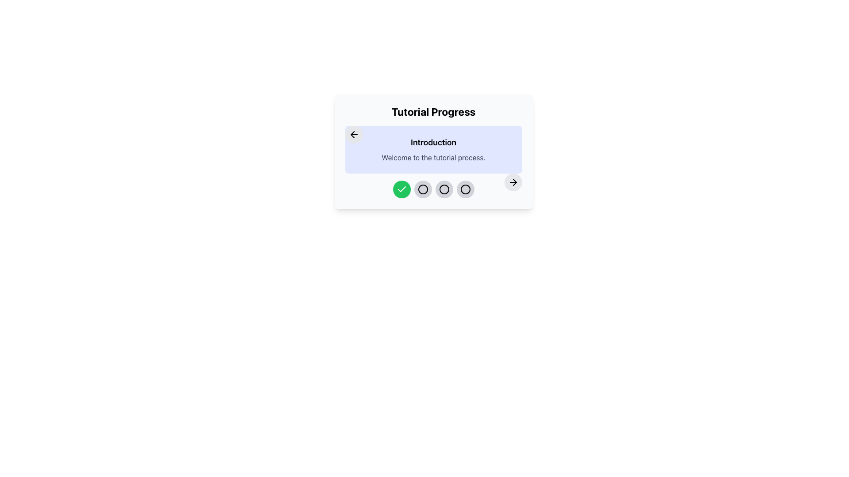 The height and width of the screenshot is (477, 849). Describe the element at coordinates (401, 189) in the screenshot. I see `the confirmation icon button located in the bottom section of the main card interface, directly below the 'Introduction' text, and the first icon in the row of circular icons to confirm completion` at that location.